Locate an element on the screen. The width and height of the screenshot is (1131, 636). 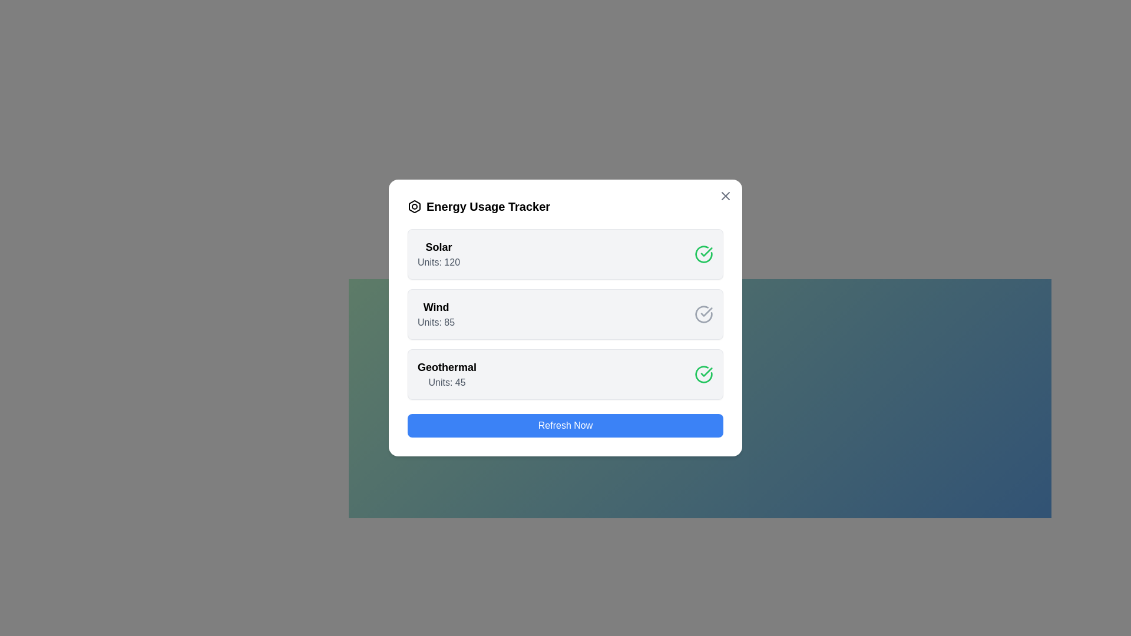
the small circular icon with a lightning bolt shape inside, located to the left of the 'Energy Usage Tracker' title in the header layout is located at coordinates (415, 206).